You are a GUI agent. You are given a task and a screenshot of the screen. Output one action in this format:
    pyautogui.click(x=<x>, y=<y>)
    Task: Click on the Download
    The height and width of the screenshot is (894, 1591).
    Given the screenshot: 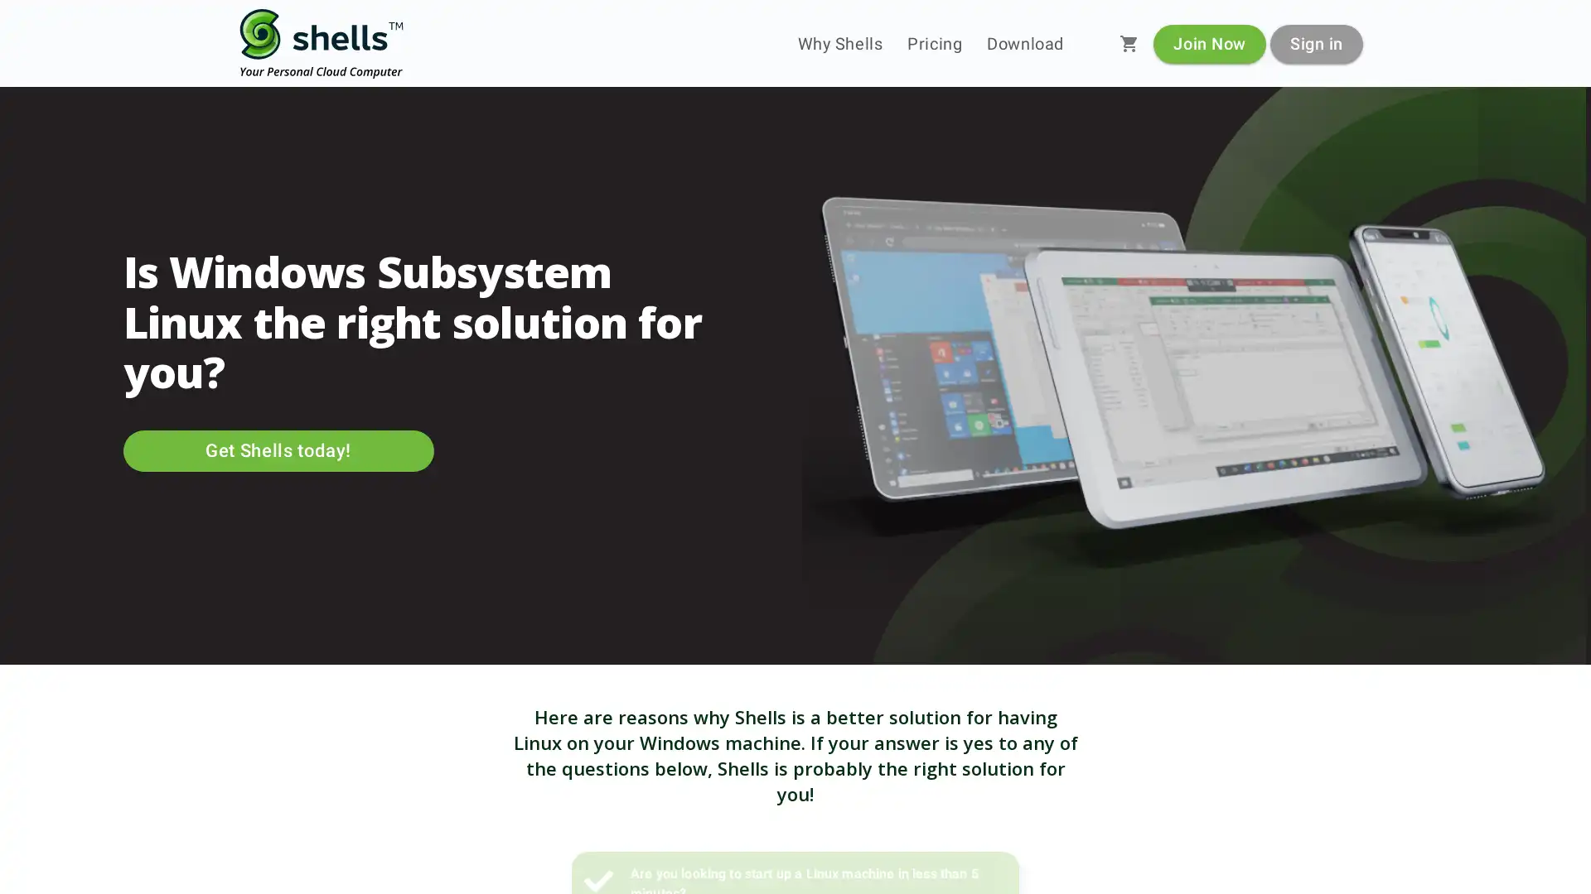 What is the action you would take?
    pyautogui.click(x=1024, y=43)
    